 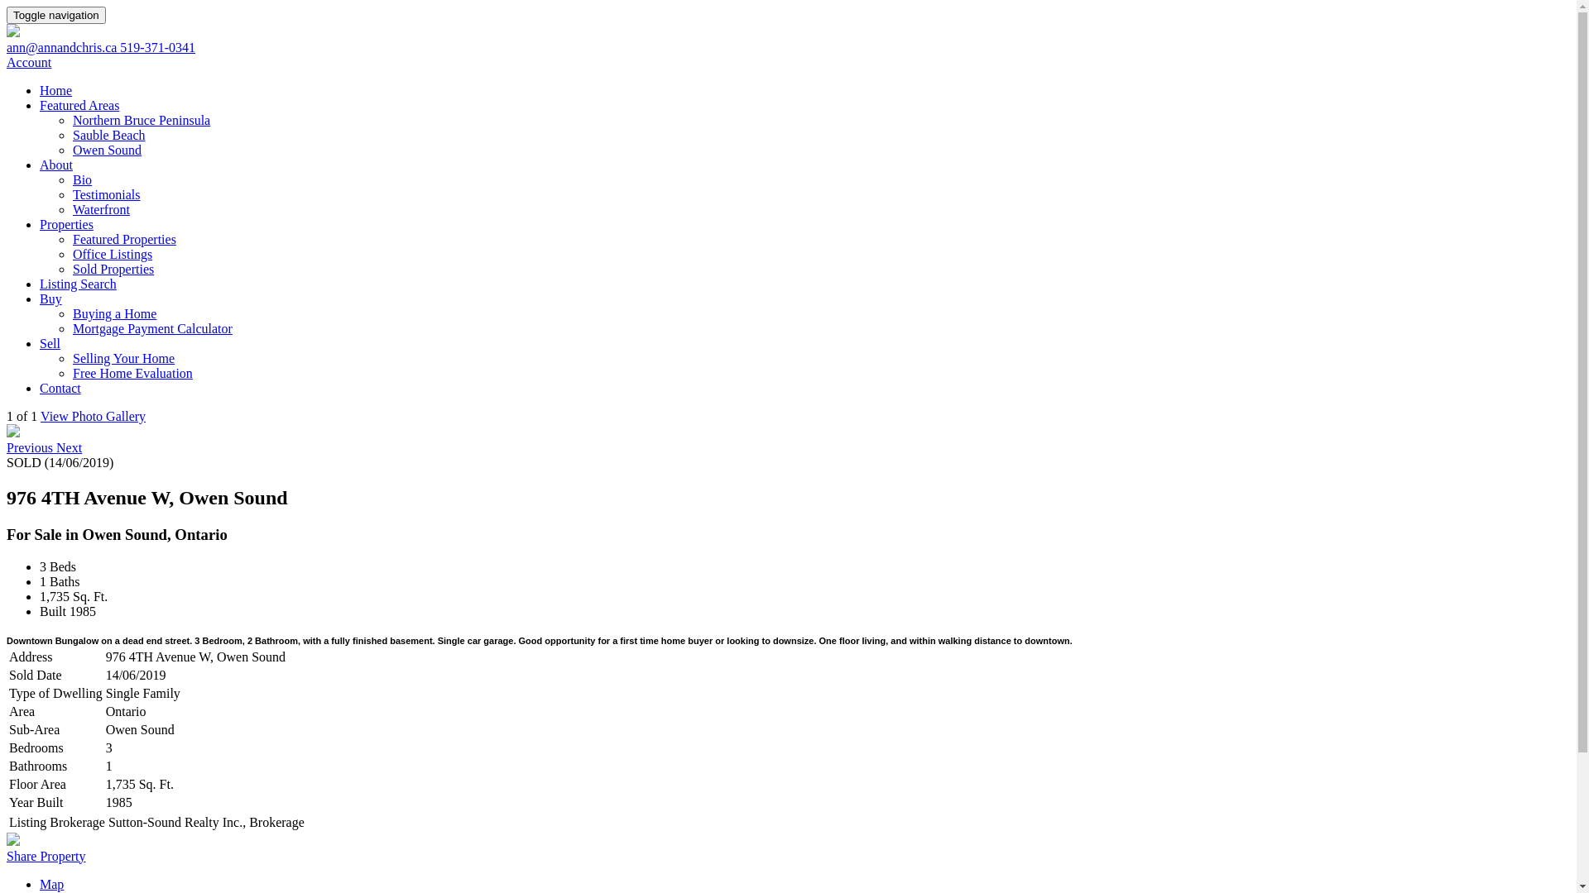 What do you see at coordinates (106, 193) in the screenshot?
I see `'Testimonials'` at bounding box center [106, 193].